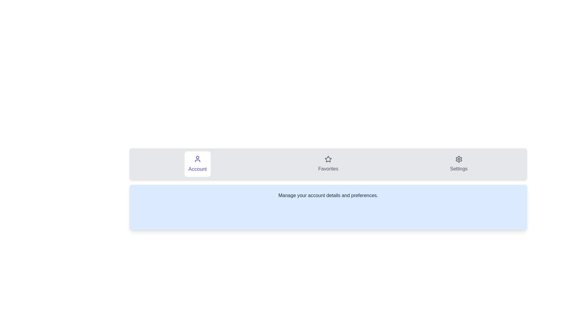  What do you see at coordinates (198, 164) in the screenshot?
I see `the Account tab by clicking on its button` at bounding box center [198, 164].